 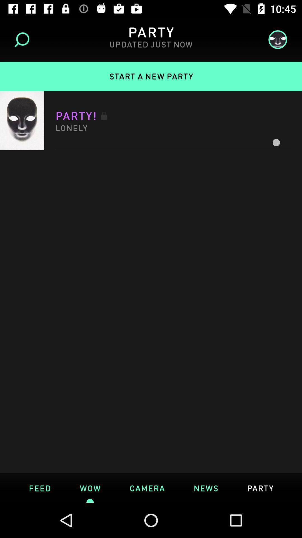 I want to click on the text which is right side of news, so click(x=260, y=488).